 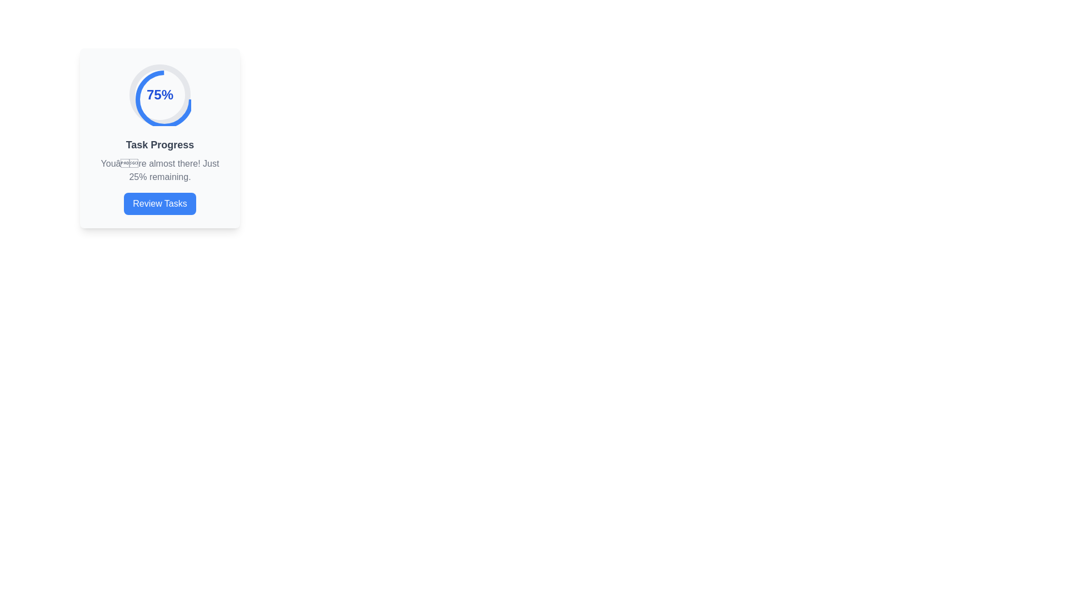 I want to click on the Circular Progress Indicator located at the top middle of the card layout to interact with it, so click(x=159, y=94).